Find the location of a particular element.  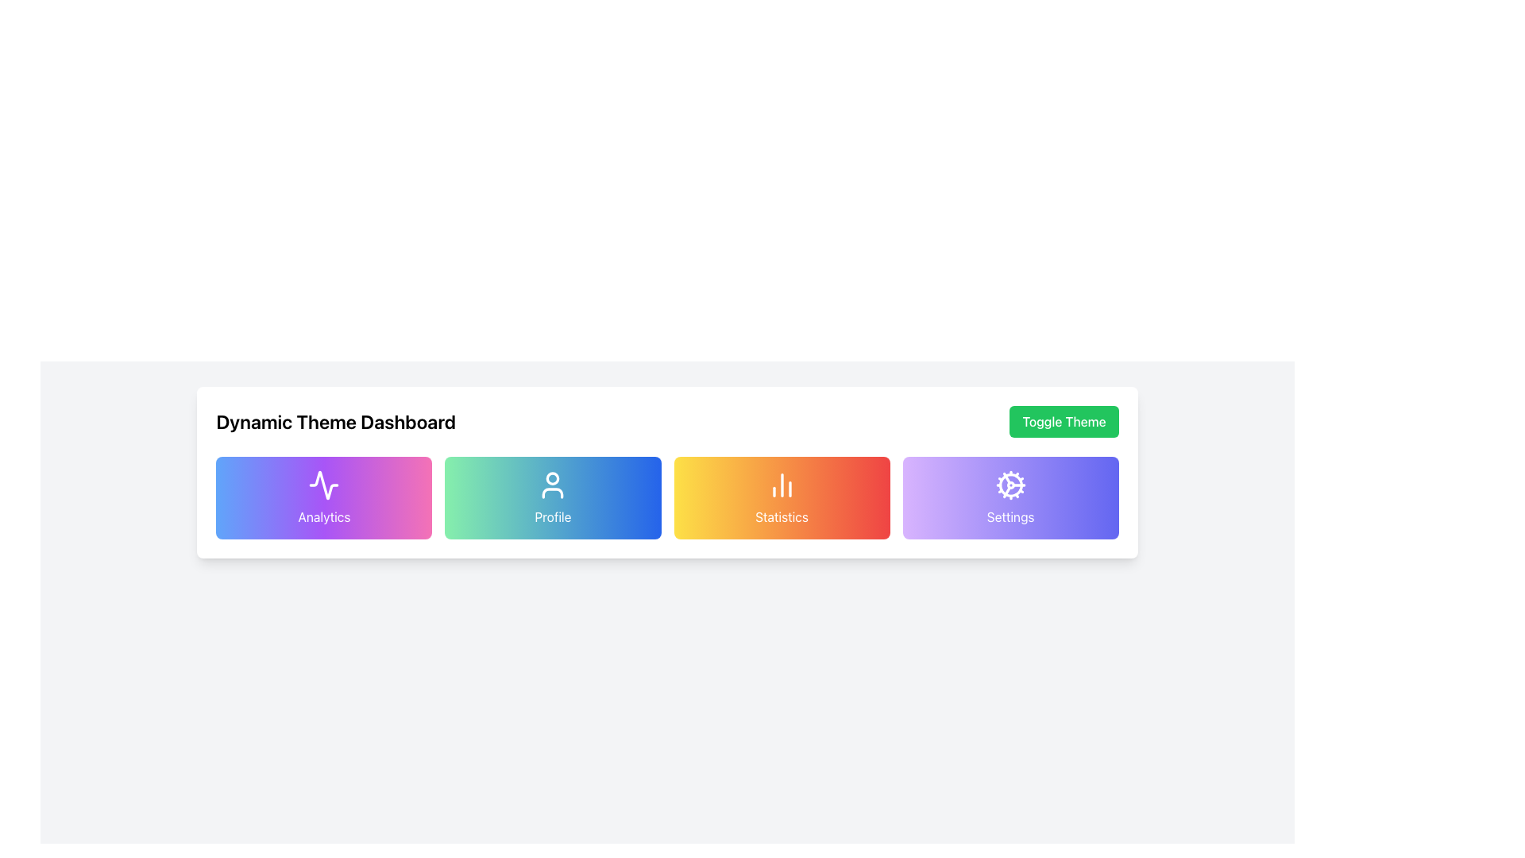

the theme toggle button located in the upper-right corner of the 'Dynamic Theme Dashboard' to switch the application's visual theme is located at coordinates (1064, 421).